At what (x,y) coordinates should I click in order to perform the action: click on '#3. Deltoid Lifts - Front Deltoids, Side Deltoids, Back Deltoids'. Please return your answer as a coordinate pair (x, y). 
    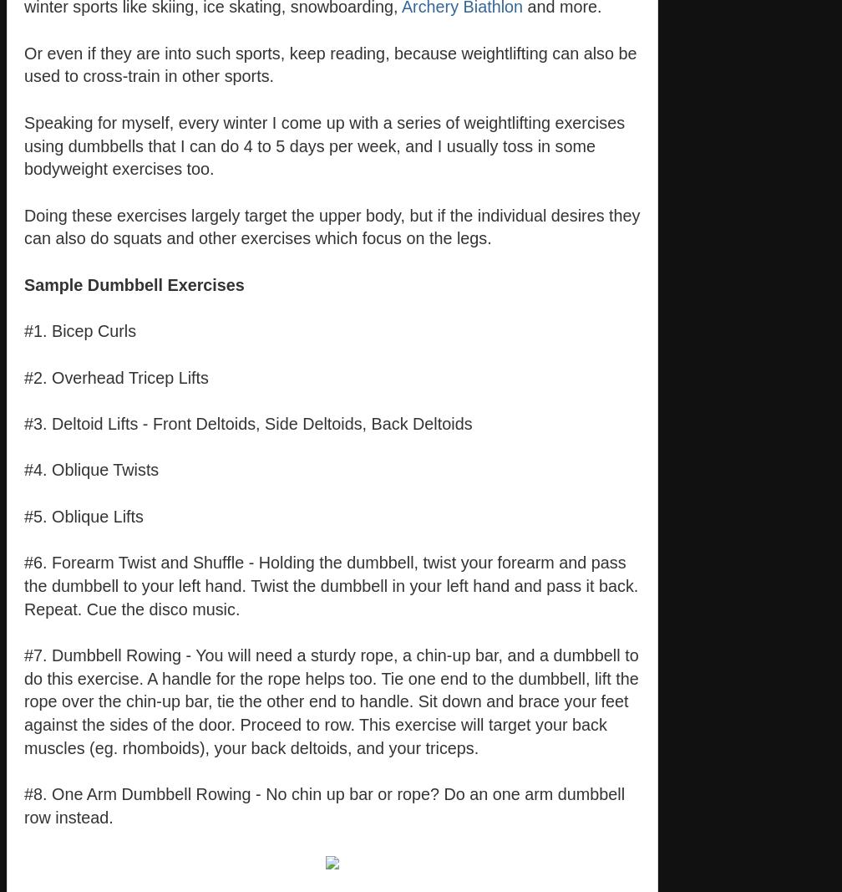
    Looking at the image, I should click on (247, 423).